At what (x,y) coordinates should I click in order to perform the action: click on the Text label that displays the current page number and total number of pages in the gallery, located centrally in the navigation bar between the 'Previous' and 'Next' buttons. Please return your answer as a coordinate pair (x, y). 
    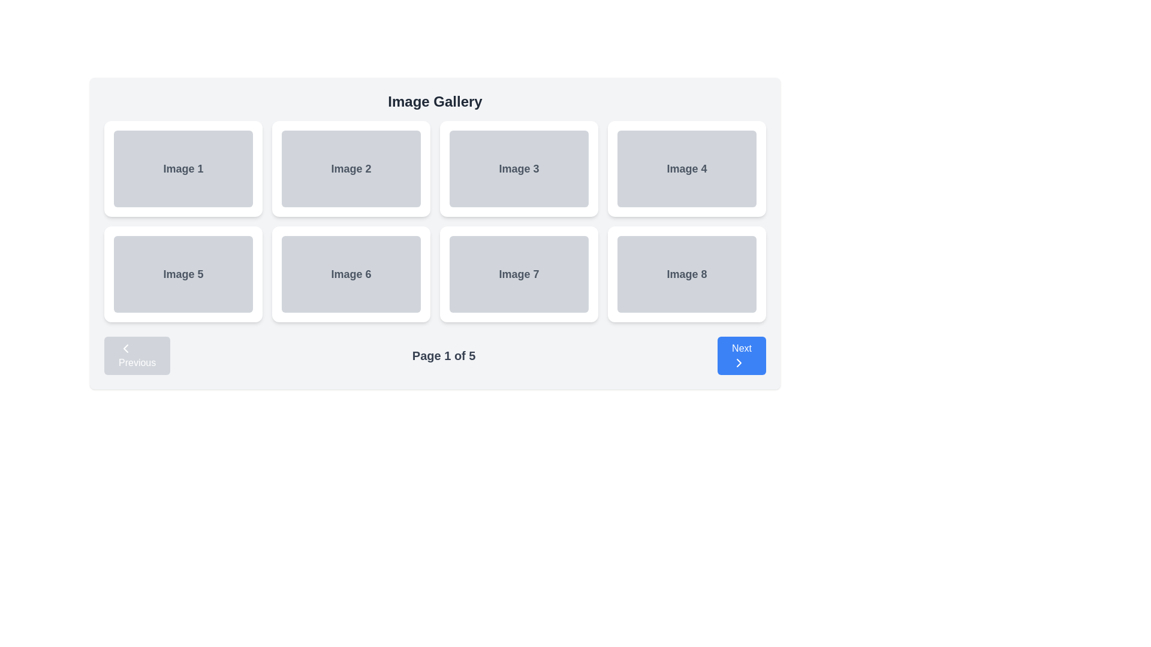
    Looking at the image, I should click on (443, 355).